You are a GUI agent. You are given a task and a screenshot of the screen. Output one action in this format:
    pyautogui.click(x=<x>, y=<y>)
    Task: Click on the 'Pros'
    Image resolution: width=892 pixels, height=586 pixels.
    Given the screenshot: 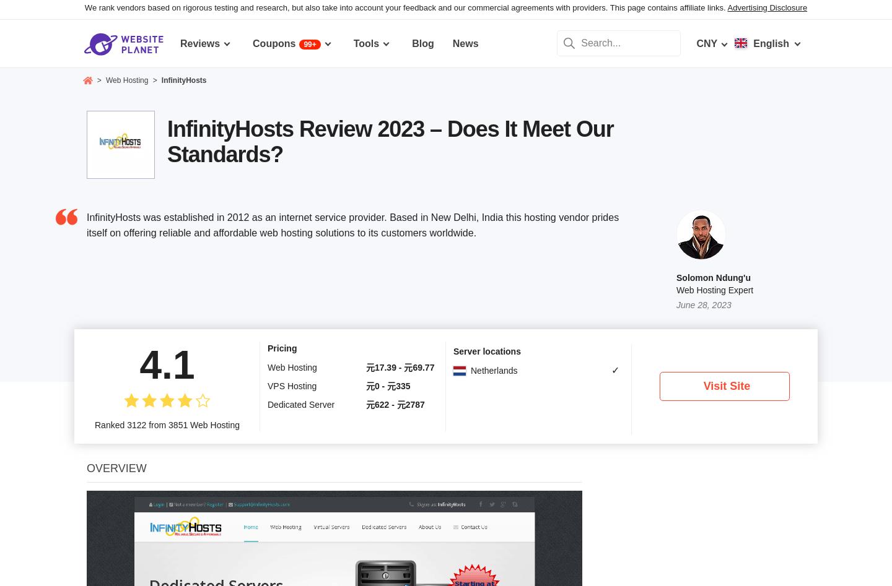 What is the action you would take?
    pyautogui.click(x=100, y=254)
    